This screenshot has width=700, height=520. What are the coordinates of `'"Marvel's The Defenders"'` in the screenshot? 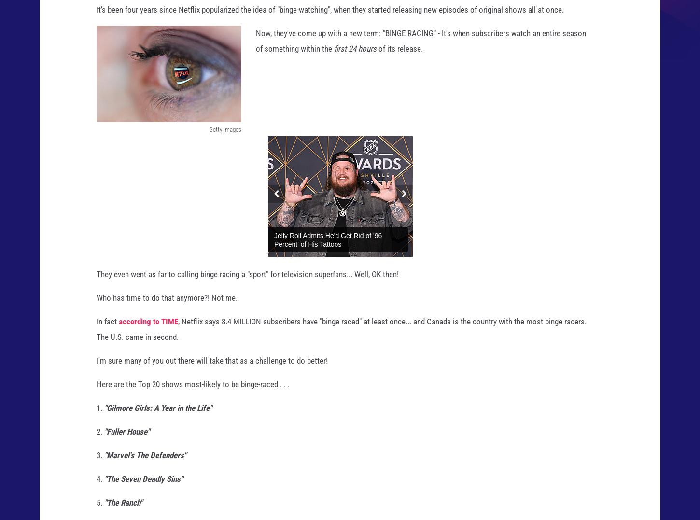 It's located at (104, 464).